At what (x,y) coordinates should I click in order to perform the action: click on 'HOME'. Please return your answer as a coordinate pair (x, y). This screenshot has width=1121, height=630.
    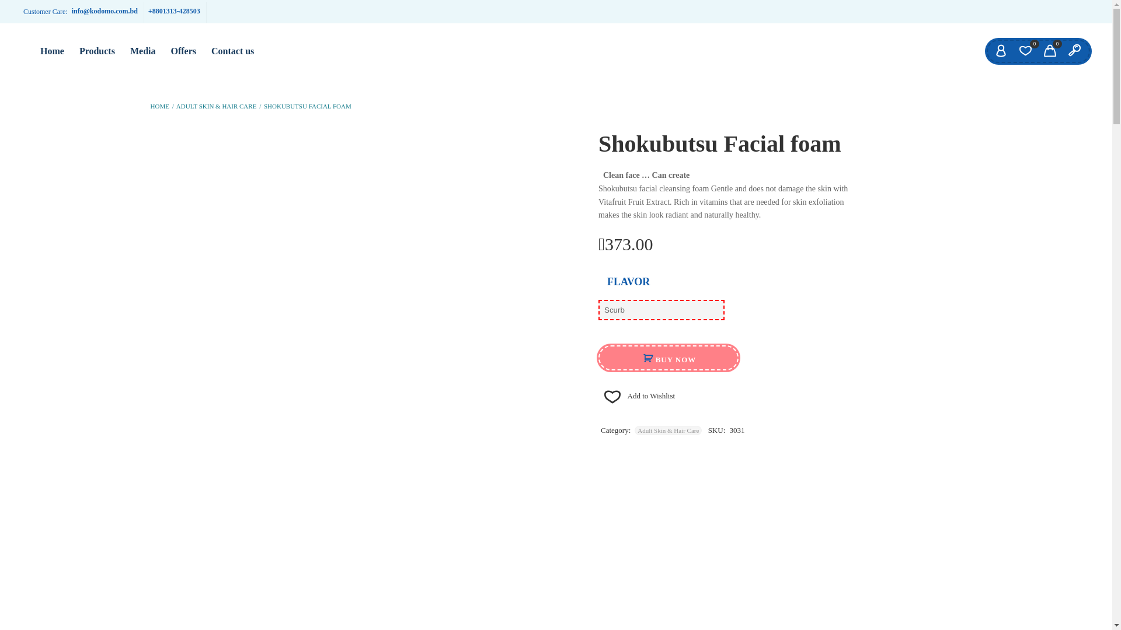
    Looking at the image, I should click on (159, 106).